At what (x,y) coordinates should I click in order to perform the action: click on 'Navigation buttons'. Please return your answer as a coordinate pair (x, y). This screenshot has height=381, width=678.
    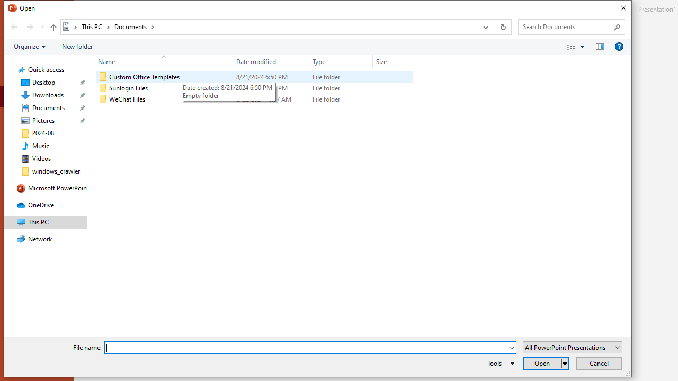
    Looking at the image, I should click on (26, 26).